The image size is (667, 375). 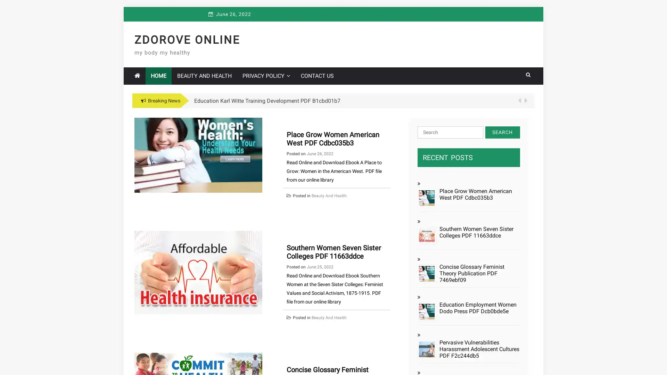 I want to click on Search, so click(x=502, y=132).